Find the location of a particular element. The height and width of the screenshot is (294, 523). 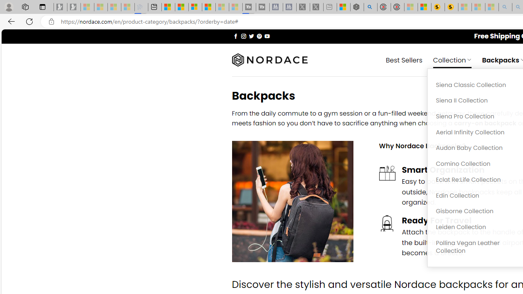

'Microsoft Start - Sleeping' is located at coordinates (222, 7).